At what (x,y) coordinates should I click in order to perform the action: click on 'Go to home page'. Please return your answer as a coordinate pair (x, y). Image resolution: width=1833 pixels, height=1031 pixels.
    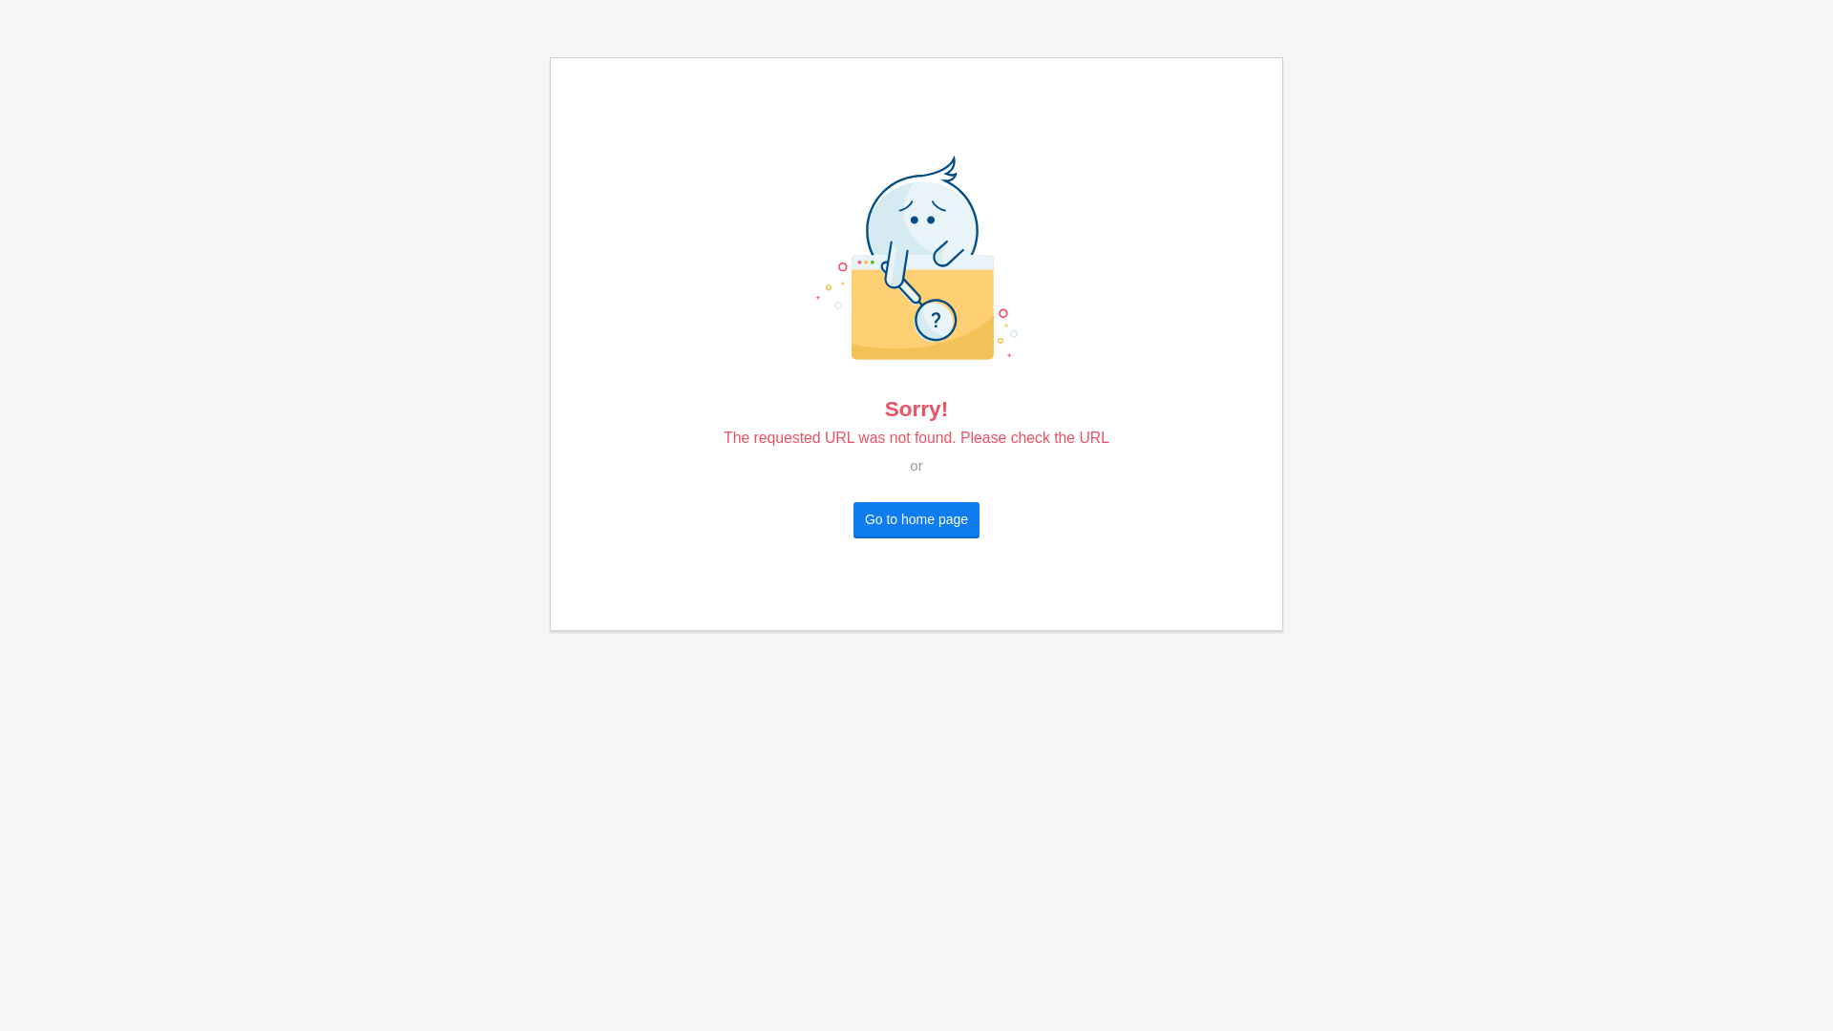
    Looking at the image, I should click on (916, 518).